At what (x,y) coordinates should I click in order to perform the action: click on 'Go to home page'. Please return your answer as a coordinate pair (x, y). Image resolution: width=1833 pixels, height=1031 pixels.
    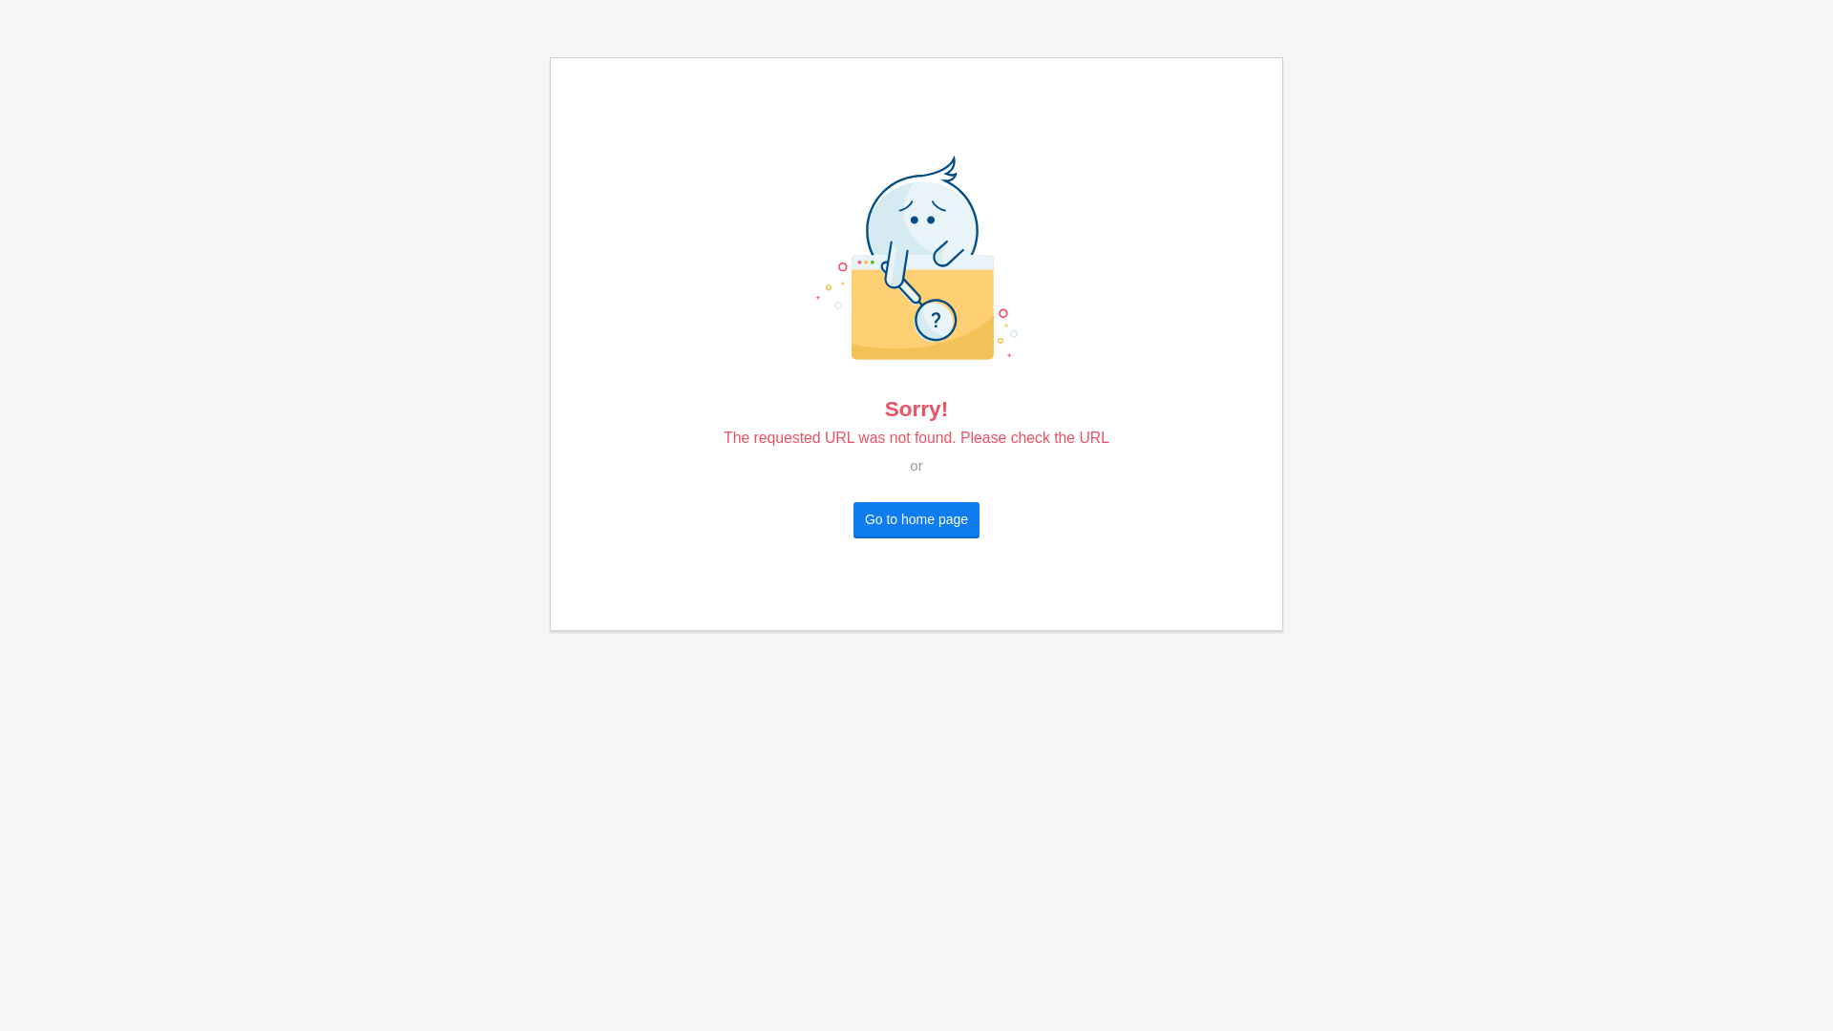
    Looking at the image, I should click on (916, 518).